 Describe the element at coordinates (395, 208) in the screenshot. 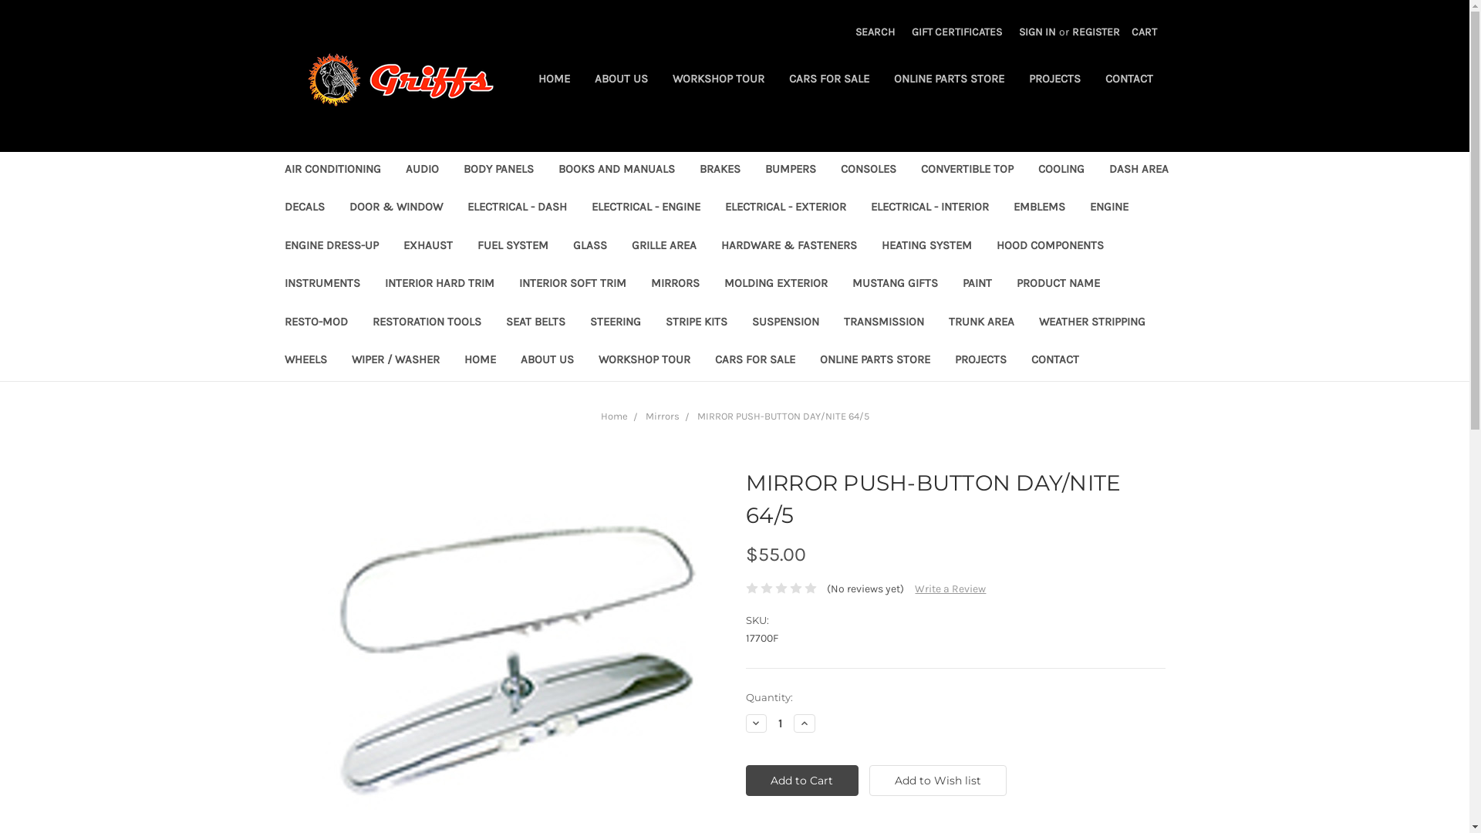

I see `'DOOR & WINDOW'` at that location.